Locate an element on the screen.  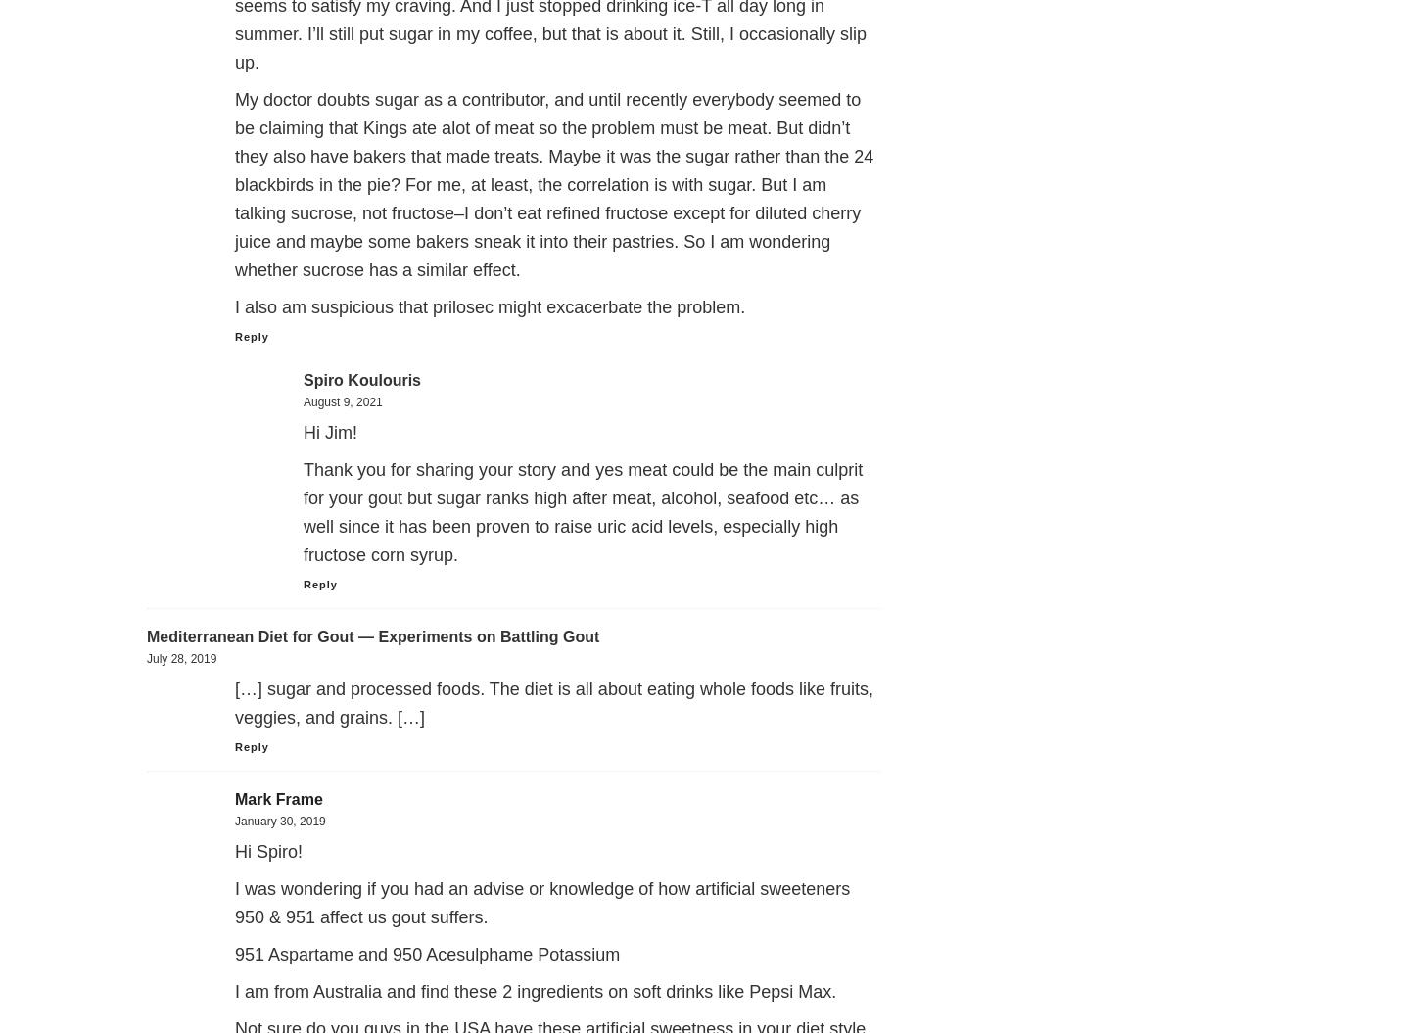
'I was wondering if you had an advise or knowledge of how artificial sweeteners 950 & 951 affect us gout suffers.' is located at coordinates (541, 902).